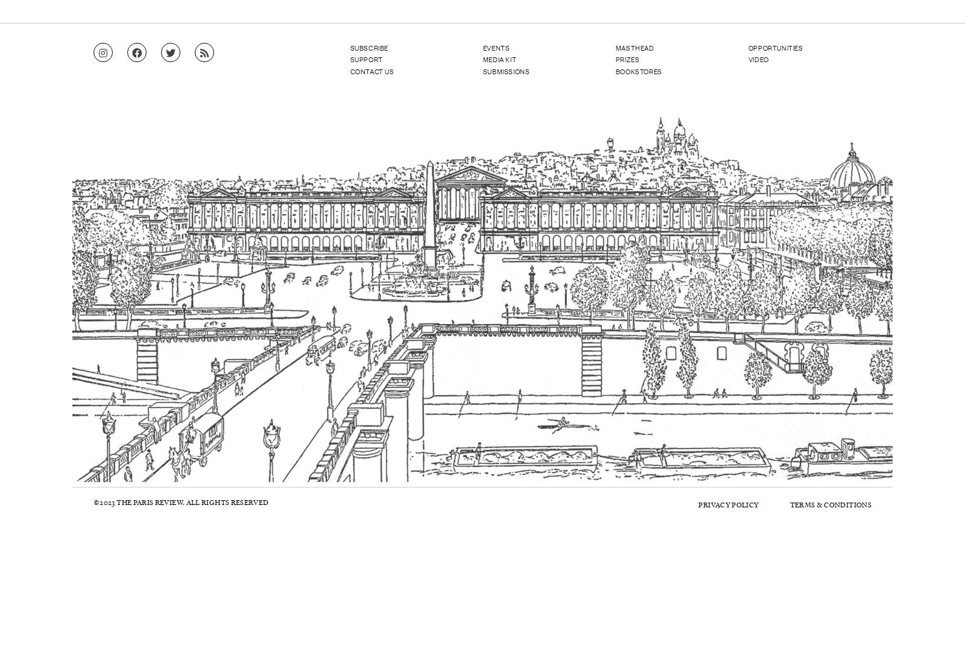  What do you see at coordinates (638, 71) in the screenshot?
I see `'Bookstores'` at bounding box center [638, 71].